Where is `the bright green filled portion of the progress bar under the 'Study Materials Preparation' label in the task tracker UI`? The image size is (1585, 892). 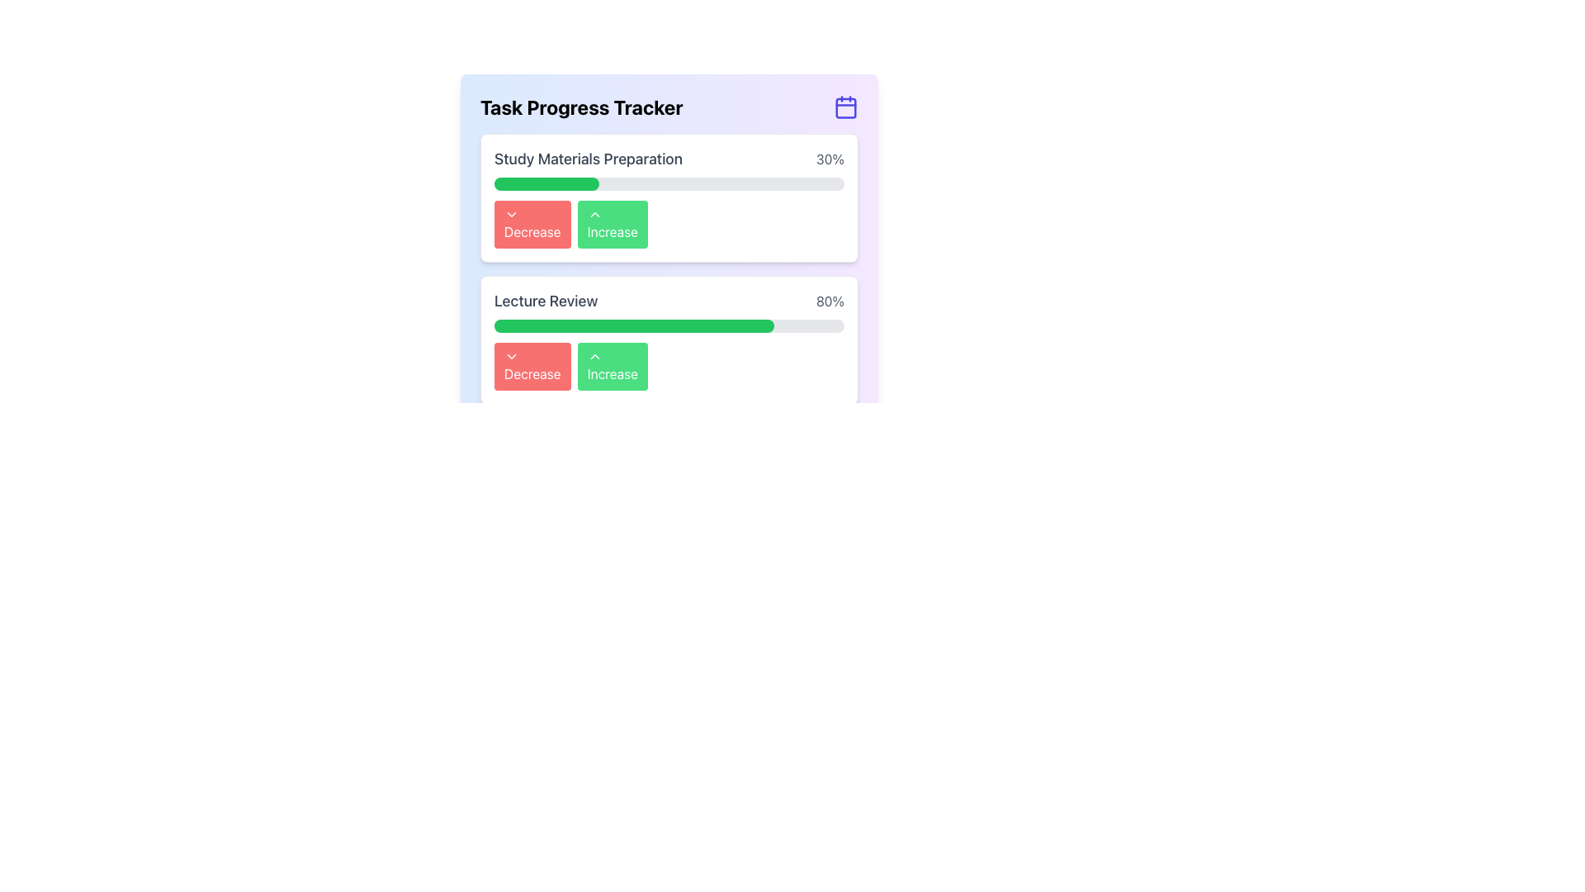
the bright green filled portion of the progress bar under the 'Study Materials Preparation' label in the task tracker UI is located at coordinates (546, 184).